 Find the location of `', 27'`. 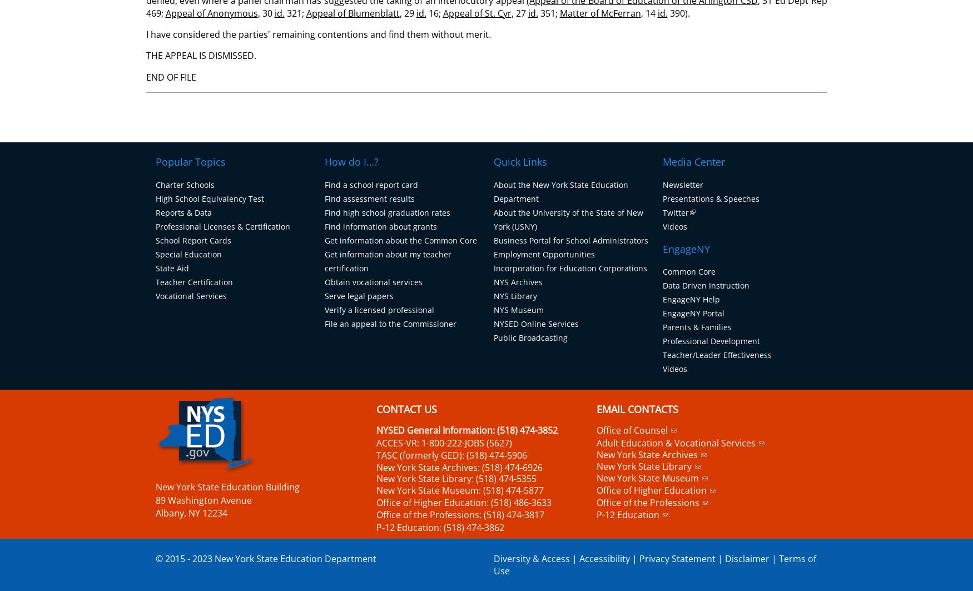

', 27' is located at coordinates (518, 12).